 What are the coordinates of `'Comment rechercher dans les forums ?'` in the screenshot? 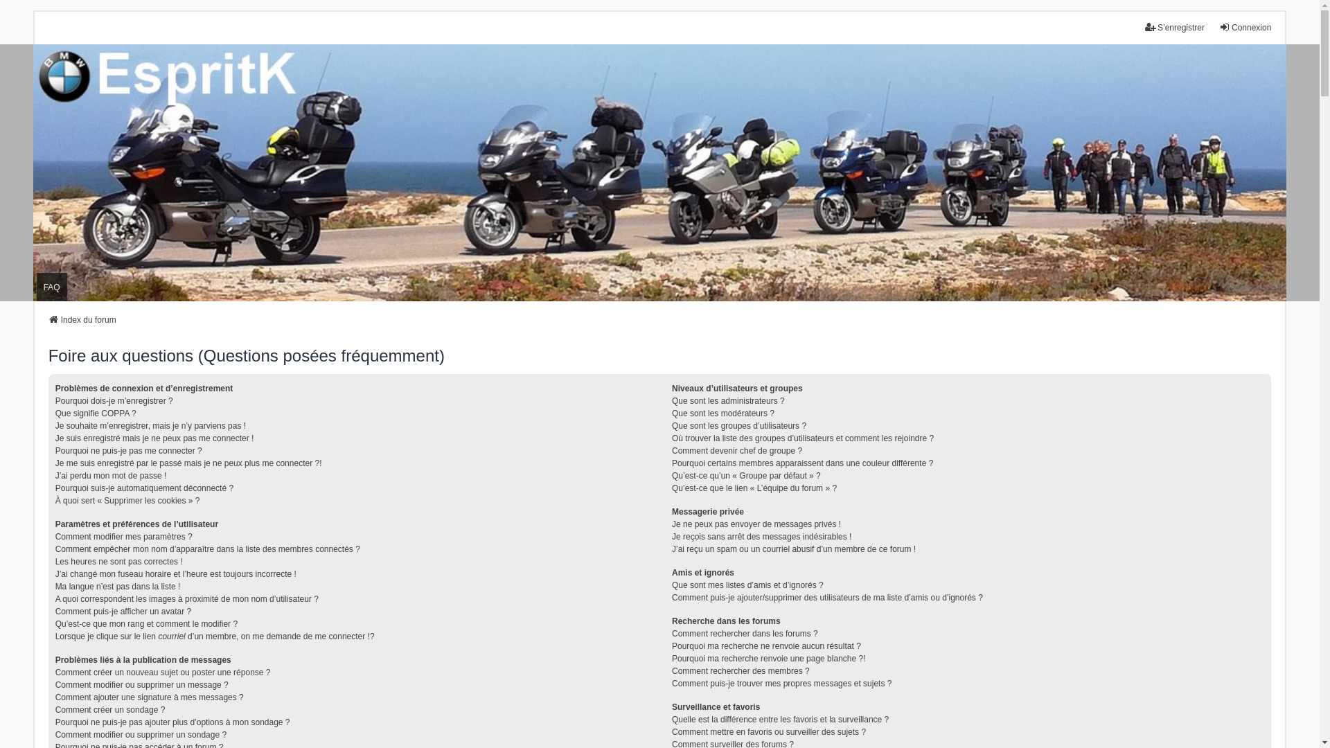 It's located at (744, 633).